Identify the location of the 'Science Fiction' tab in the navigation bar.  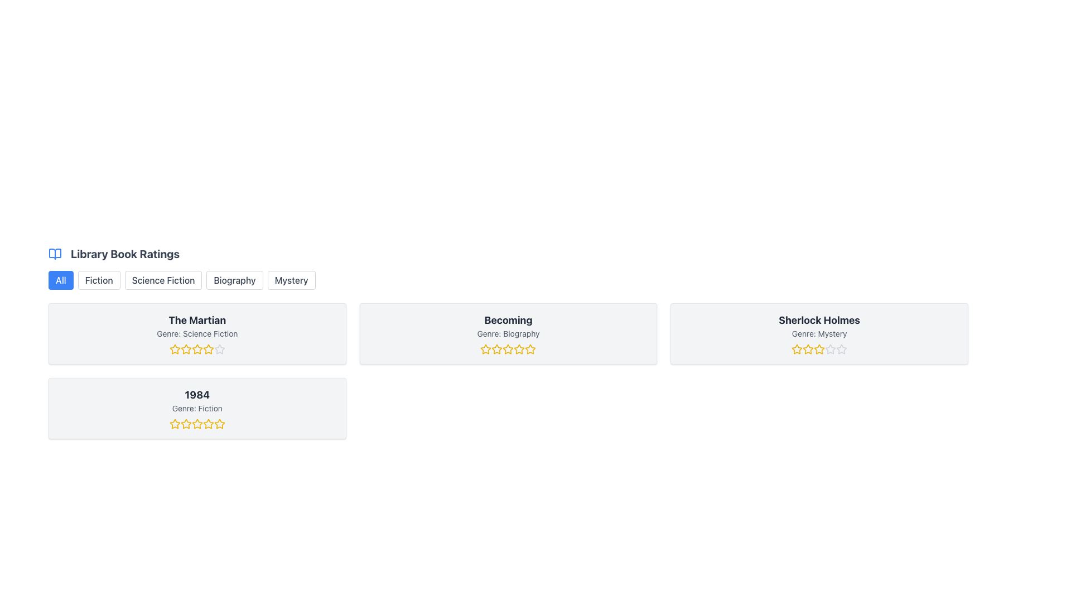
(162, 279).